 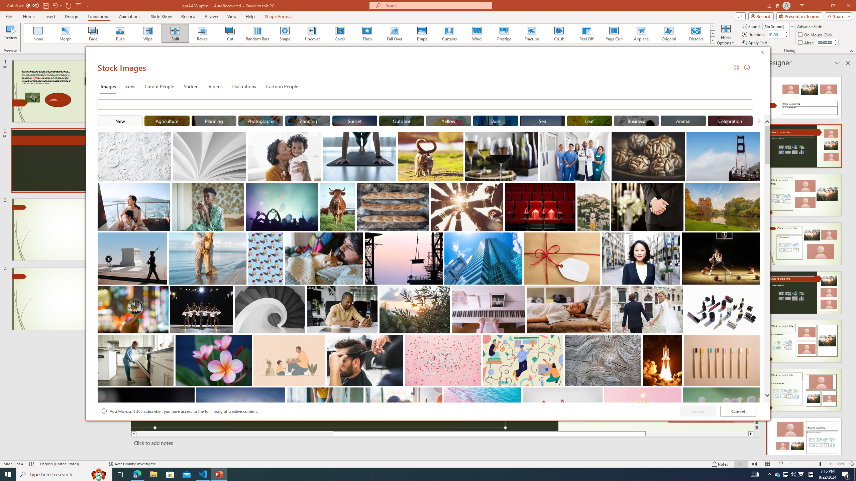 What do you see at coordinates (38, 33) in the screenshot?
I see `'None'` at bounding box center [38, 33].